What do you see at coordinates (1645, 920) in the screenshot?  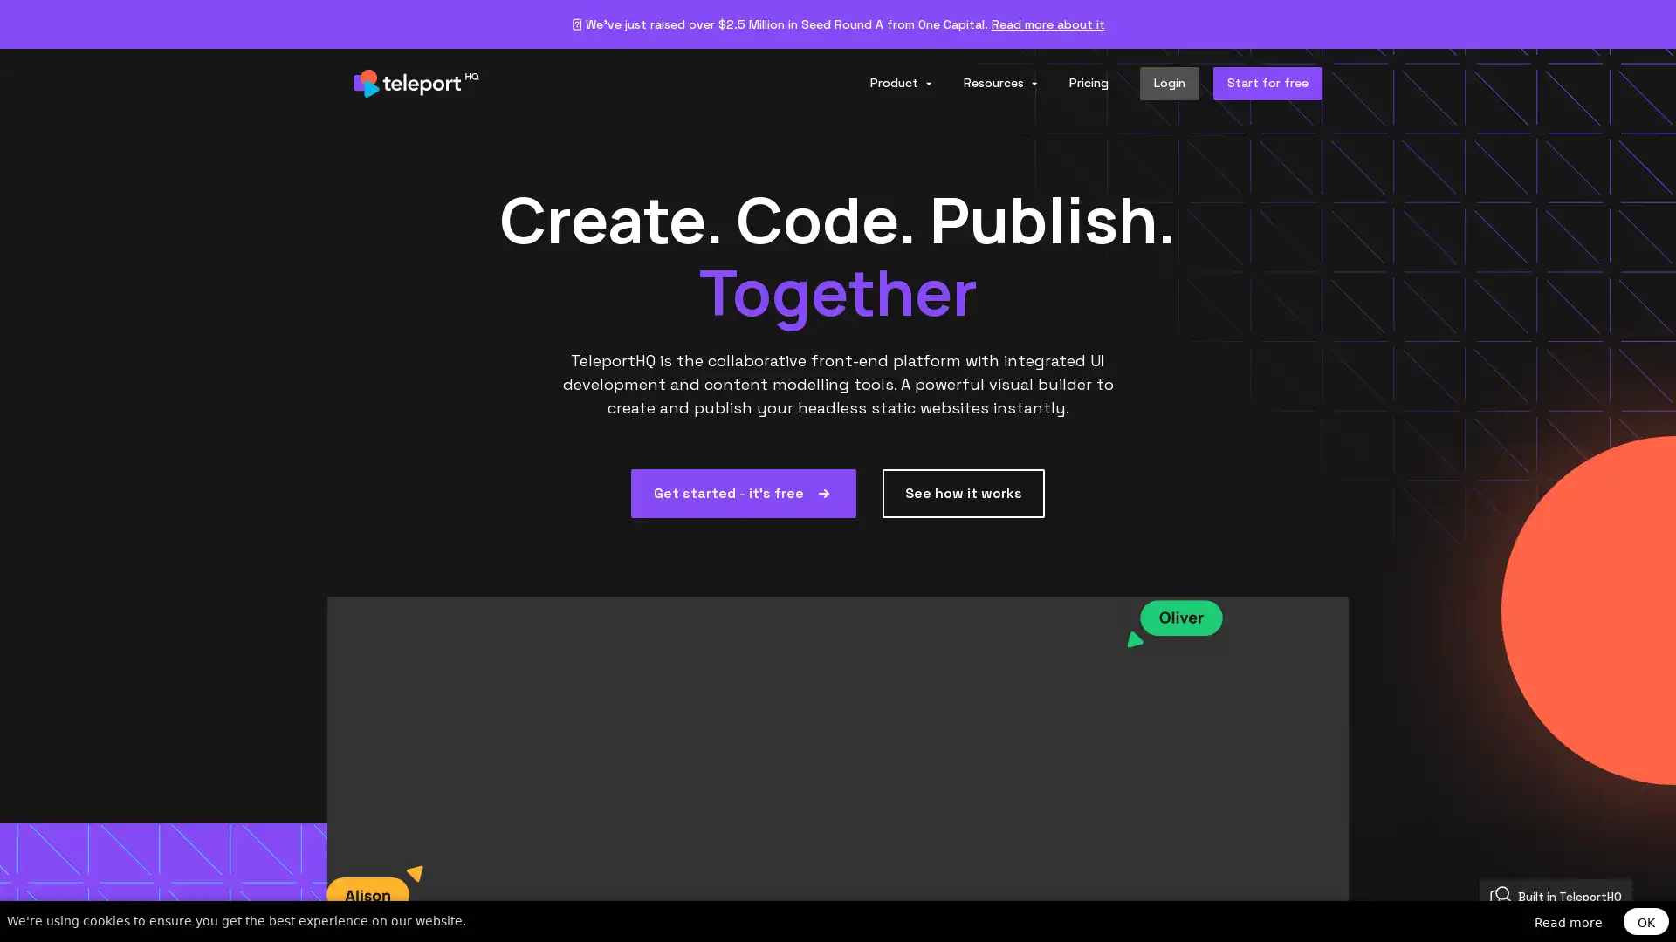 I see `OK` at bounding box center [1645, 920].